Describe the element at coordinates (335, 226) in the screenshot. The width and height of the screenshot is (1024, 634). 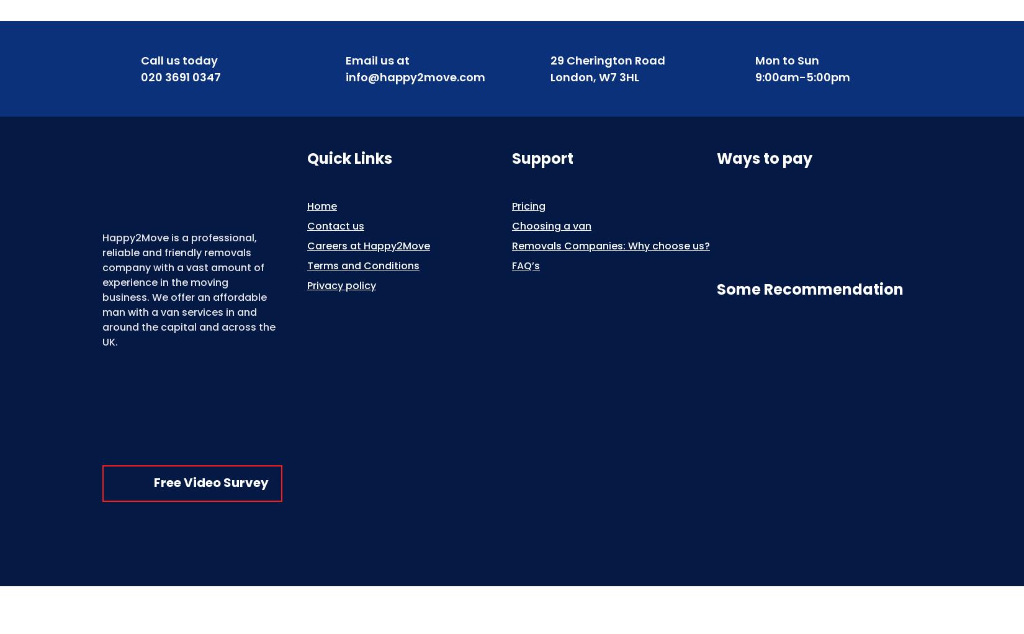
I see `'Contact us'` at that location.